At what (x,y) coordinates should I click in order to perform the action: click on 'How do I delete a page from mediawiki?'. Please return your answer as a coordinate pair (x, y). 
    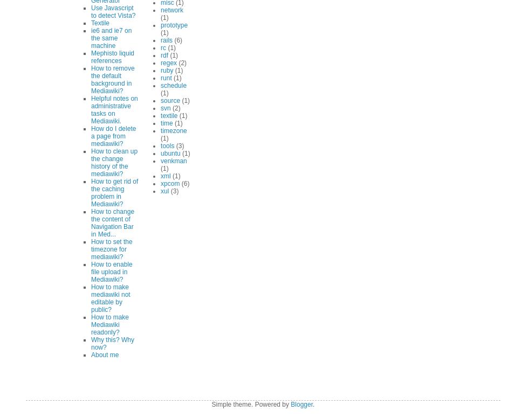
    Looking at the image, I should click on (113, 135).